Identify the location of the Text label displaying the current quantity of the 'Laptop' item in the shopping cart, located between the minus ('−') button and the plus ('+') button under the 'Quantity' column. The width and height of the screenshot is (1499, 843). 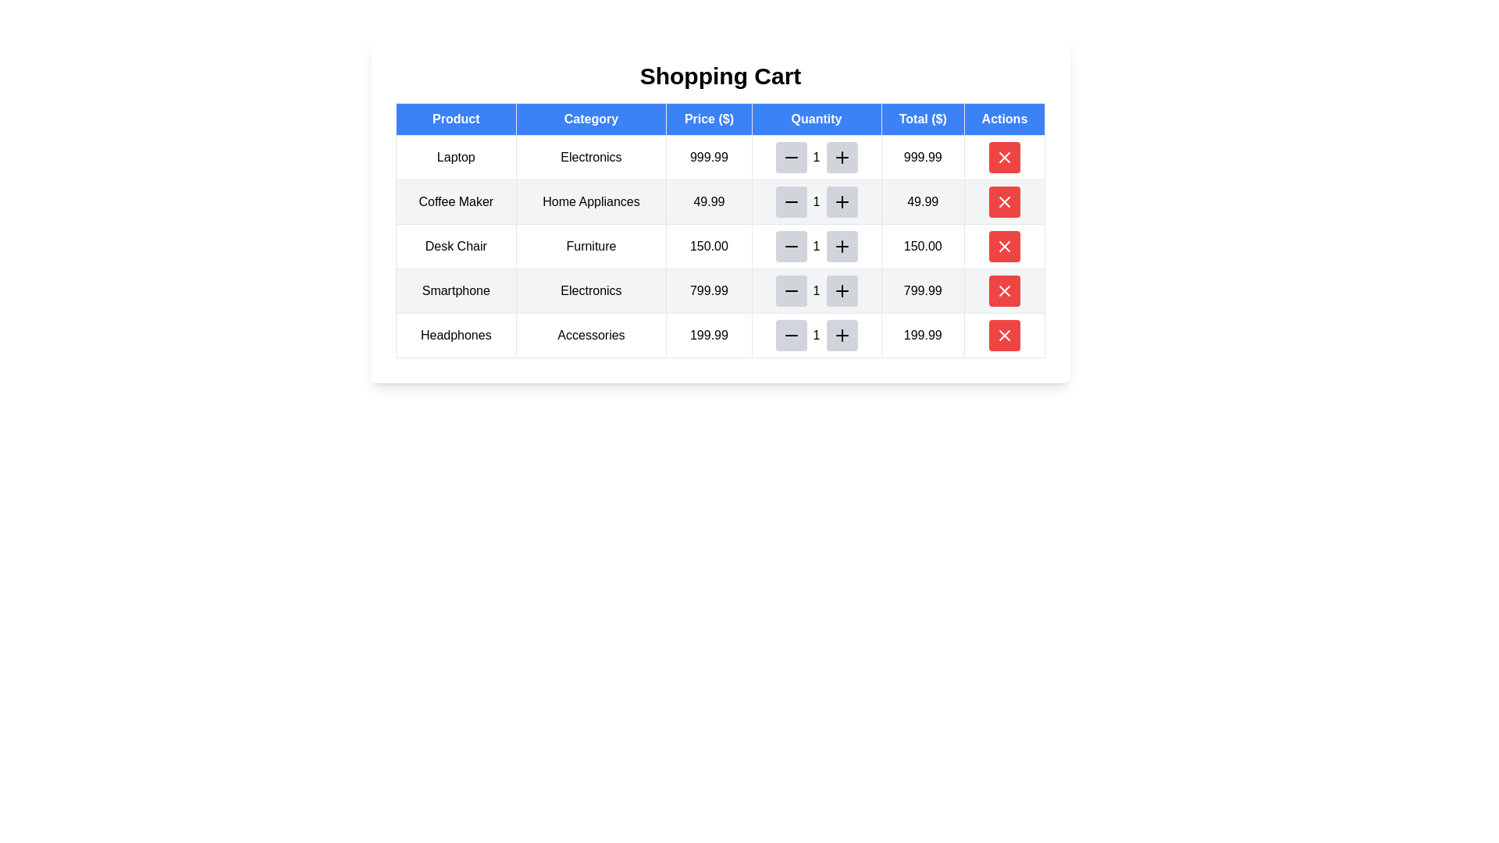
(816, 157).